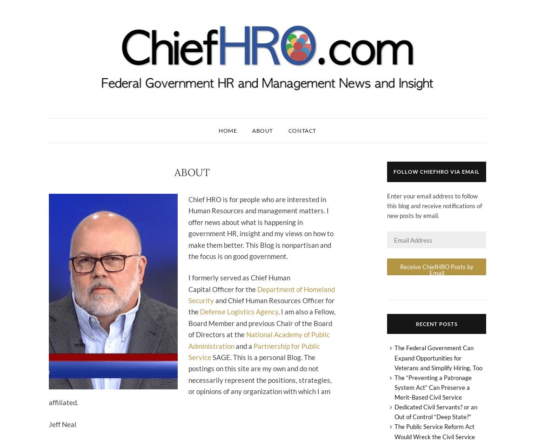  What do you see at coordinates (436, 269) in the screenshot?
I see `'Receive ChiefHRO Posts by Email'` at bounding box center [436, 269].